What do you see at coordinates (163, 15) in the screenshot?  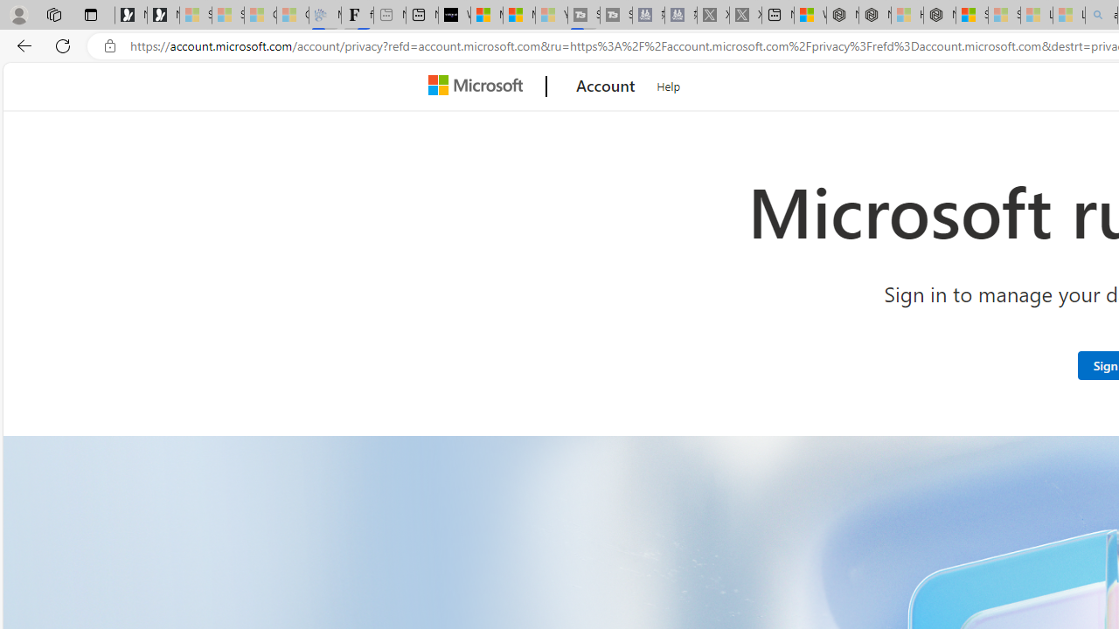 I see `'Newsletter Sign Up'` at bounding box center [163, 15].